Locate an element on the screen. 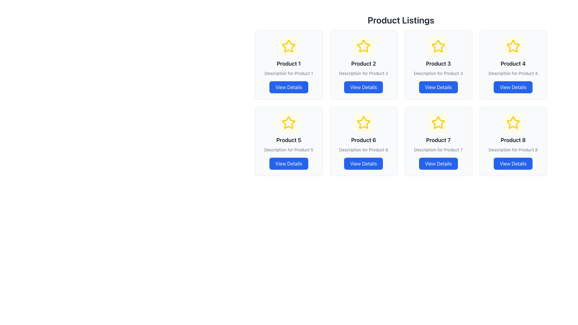 The width and height of the screenshot is (578, 325). text label displaying 'Product 1' that is centered within the first product card, located in the grid layout, below the yellow star icon is located at coordinates (288, 64).